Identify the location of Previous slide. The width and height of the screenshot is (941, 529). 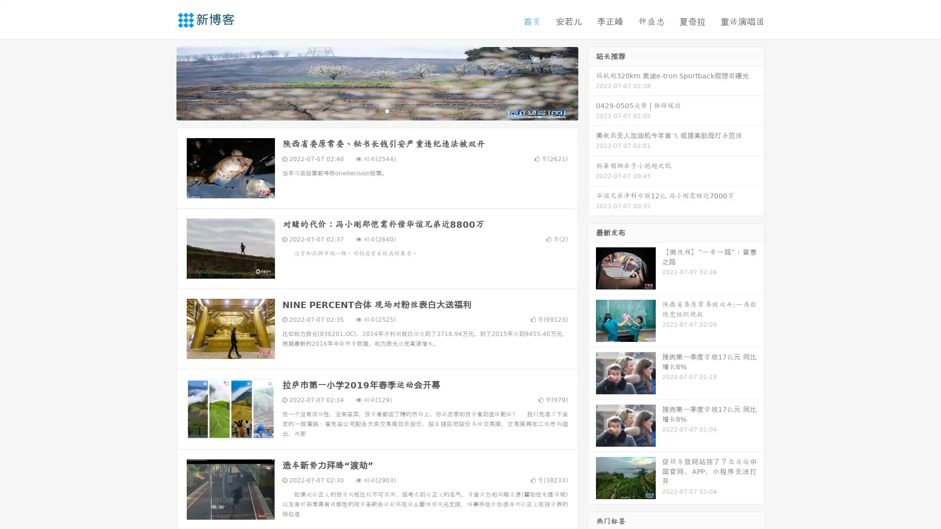
(162, 82).